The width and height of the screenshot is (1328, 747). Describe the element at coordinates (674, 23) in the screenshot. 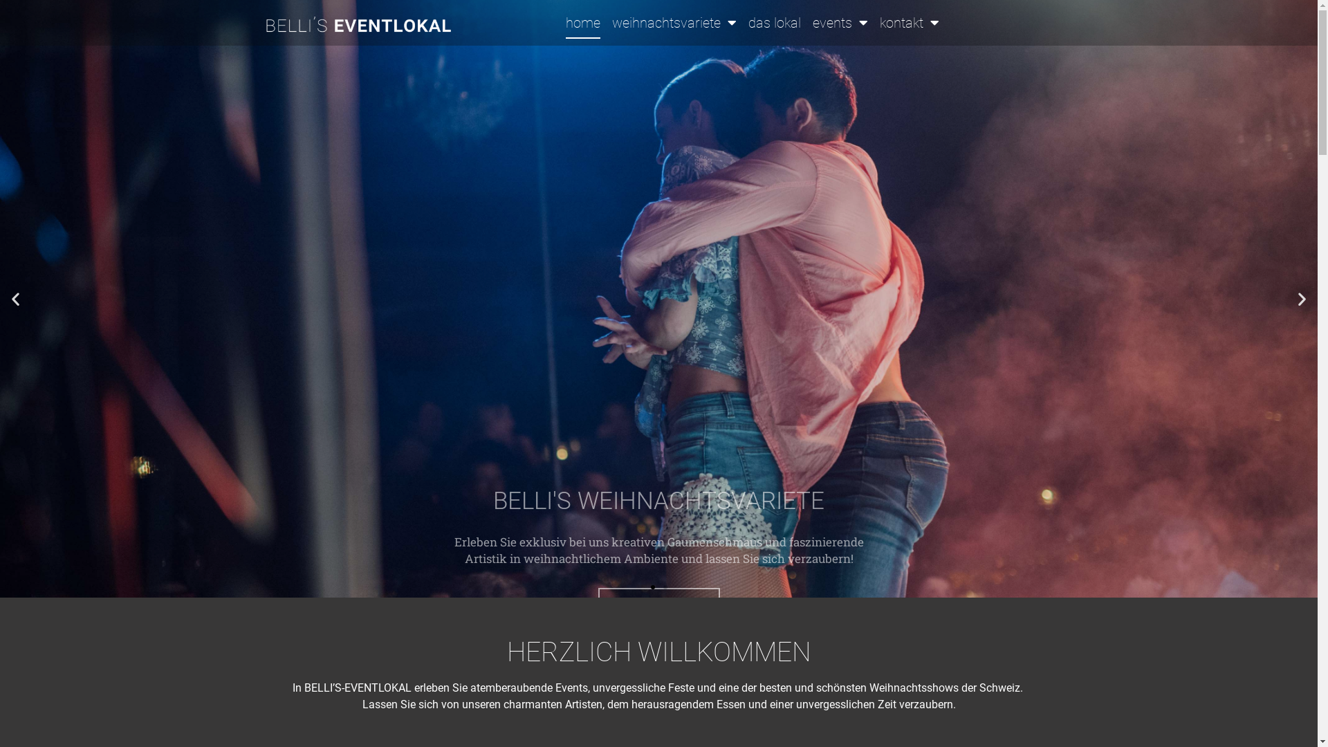

I see `'weihnachtsvariete'` at that location.